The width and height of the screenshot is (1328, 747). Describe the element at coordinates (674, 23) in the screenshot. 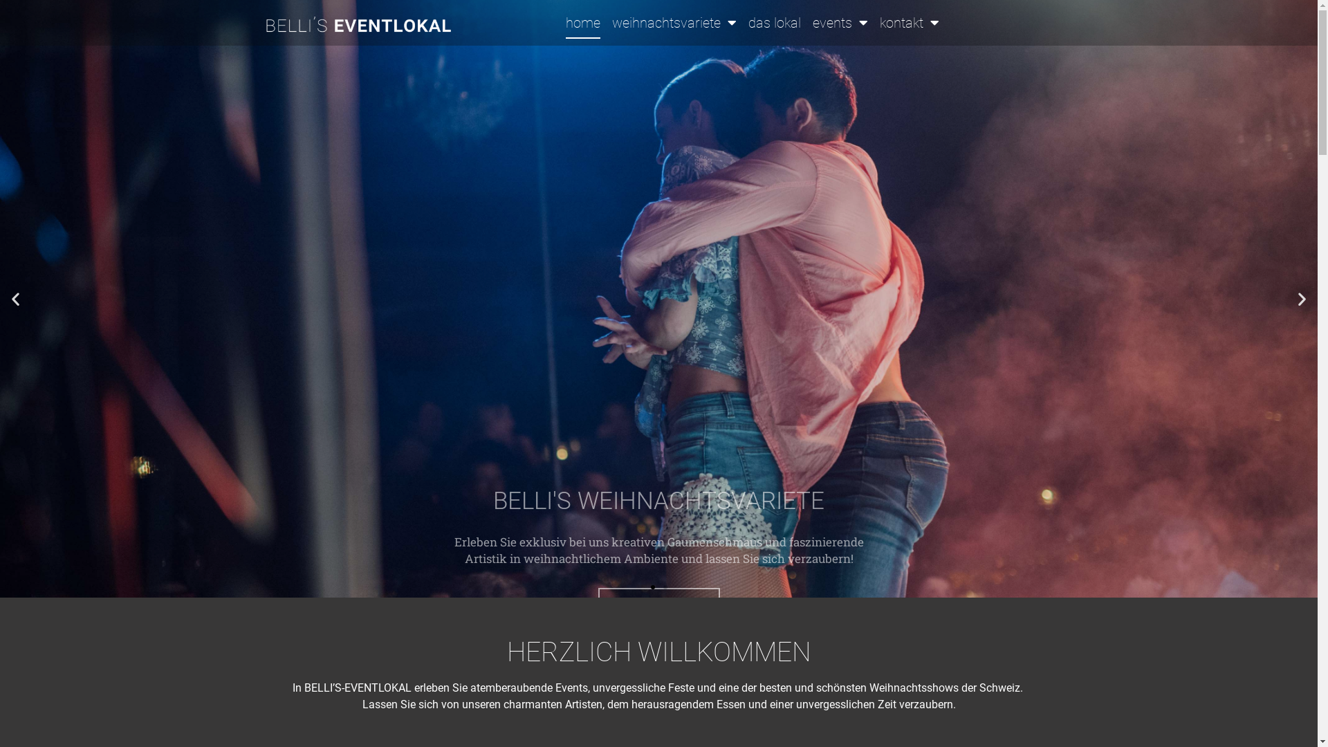

I see `'weihnachtsvariete'` at that location.